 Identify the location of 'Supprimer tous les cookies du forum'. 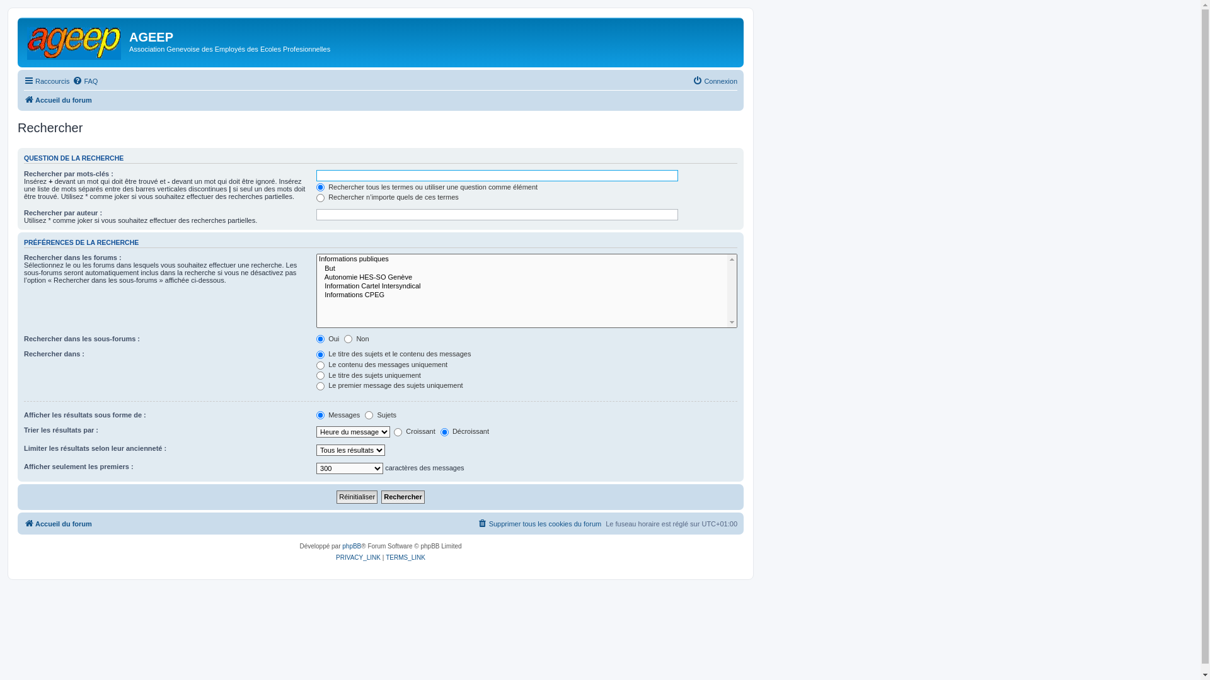
(539, 524).